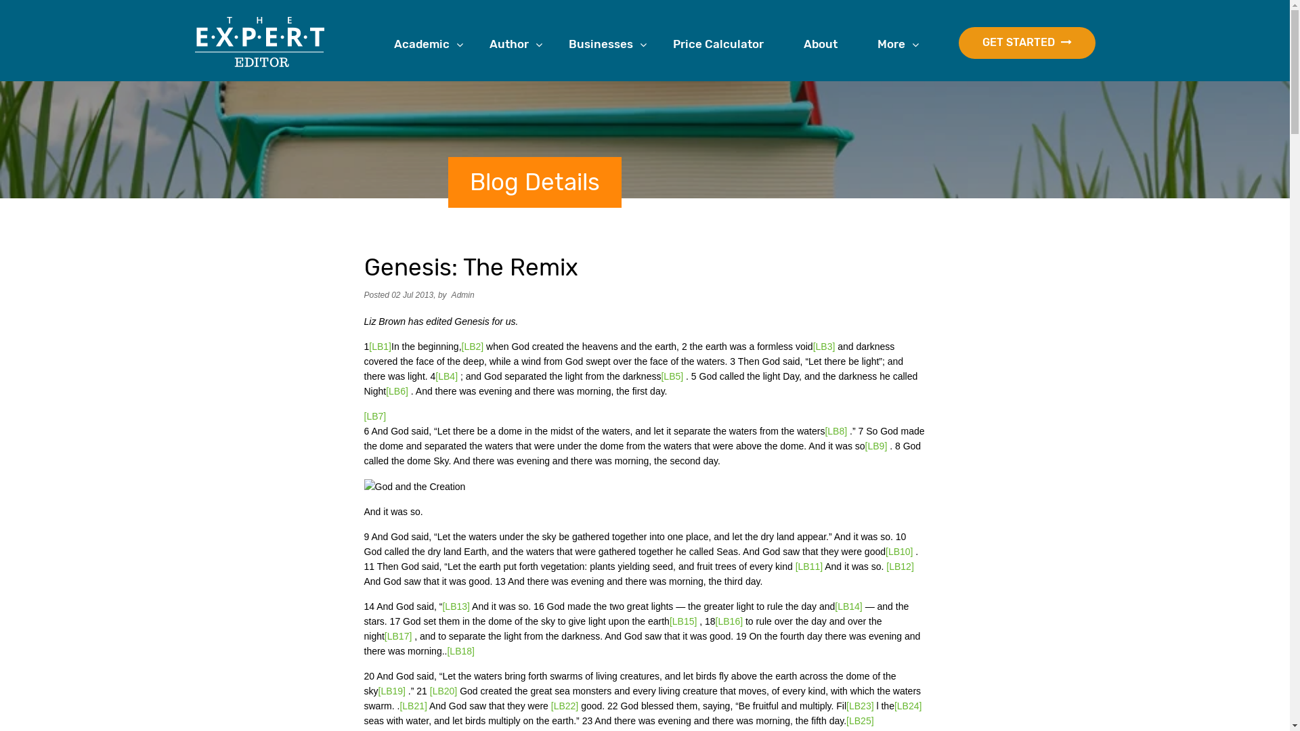 This screenshot has height=731, width=1300. I want to click on '[LB7]', so click(375, 415).